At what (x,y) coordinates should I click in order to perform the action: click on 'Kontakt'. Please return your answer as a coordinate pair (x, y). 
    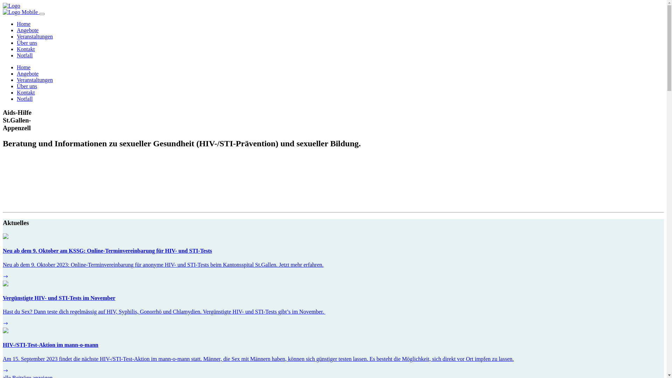
    Looking at the image, I should click on (17, 92).